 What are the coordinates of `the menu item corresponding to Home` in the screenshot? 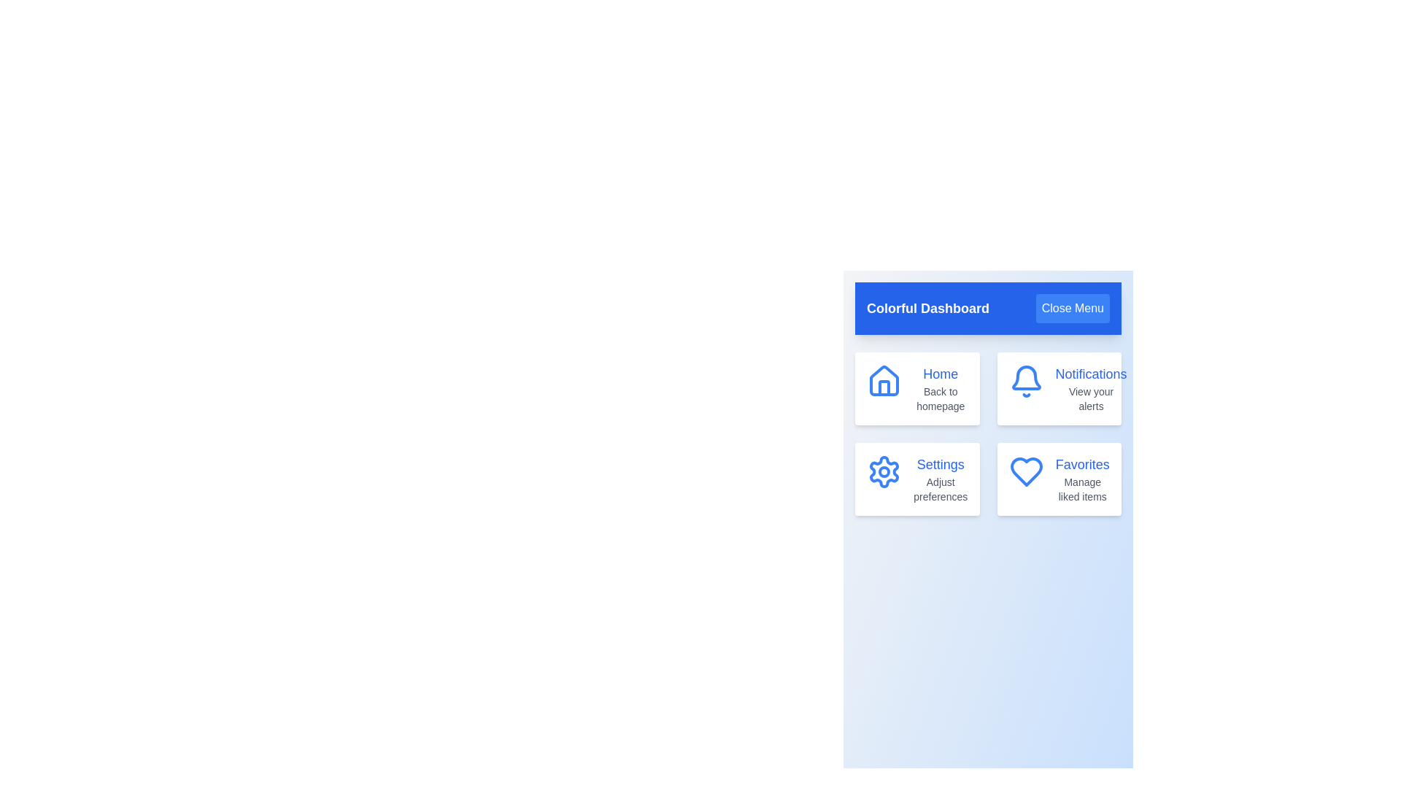 It's located at (916, 387).